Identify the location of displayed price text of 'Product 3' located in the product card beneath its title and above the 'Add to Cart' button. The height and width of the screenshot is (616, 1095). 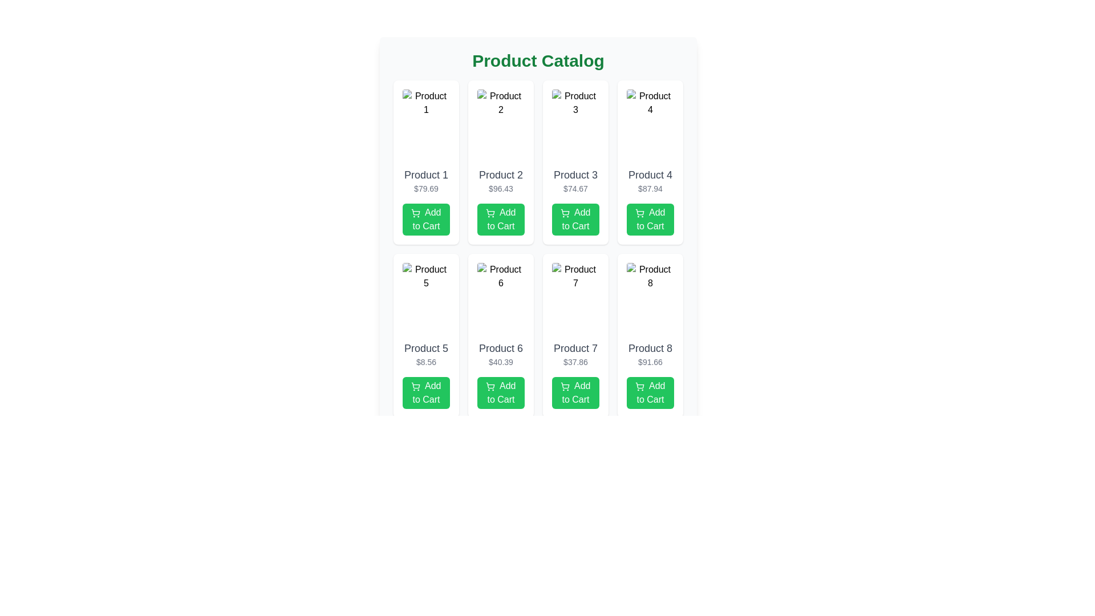
(575, 188).